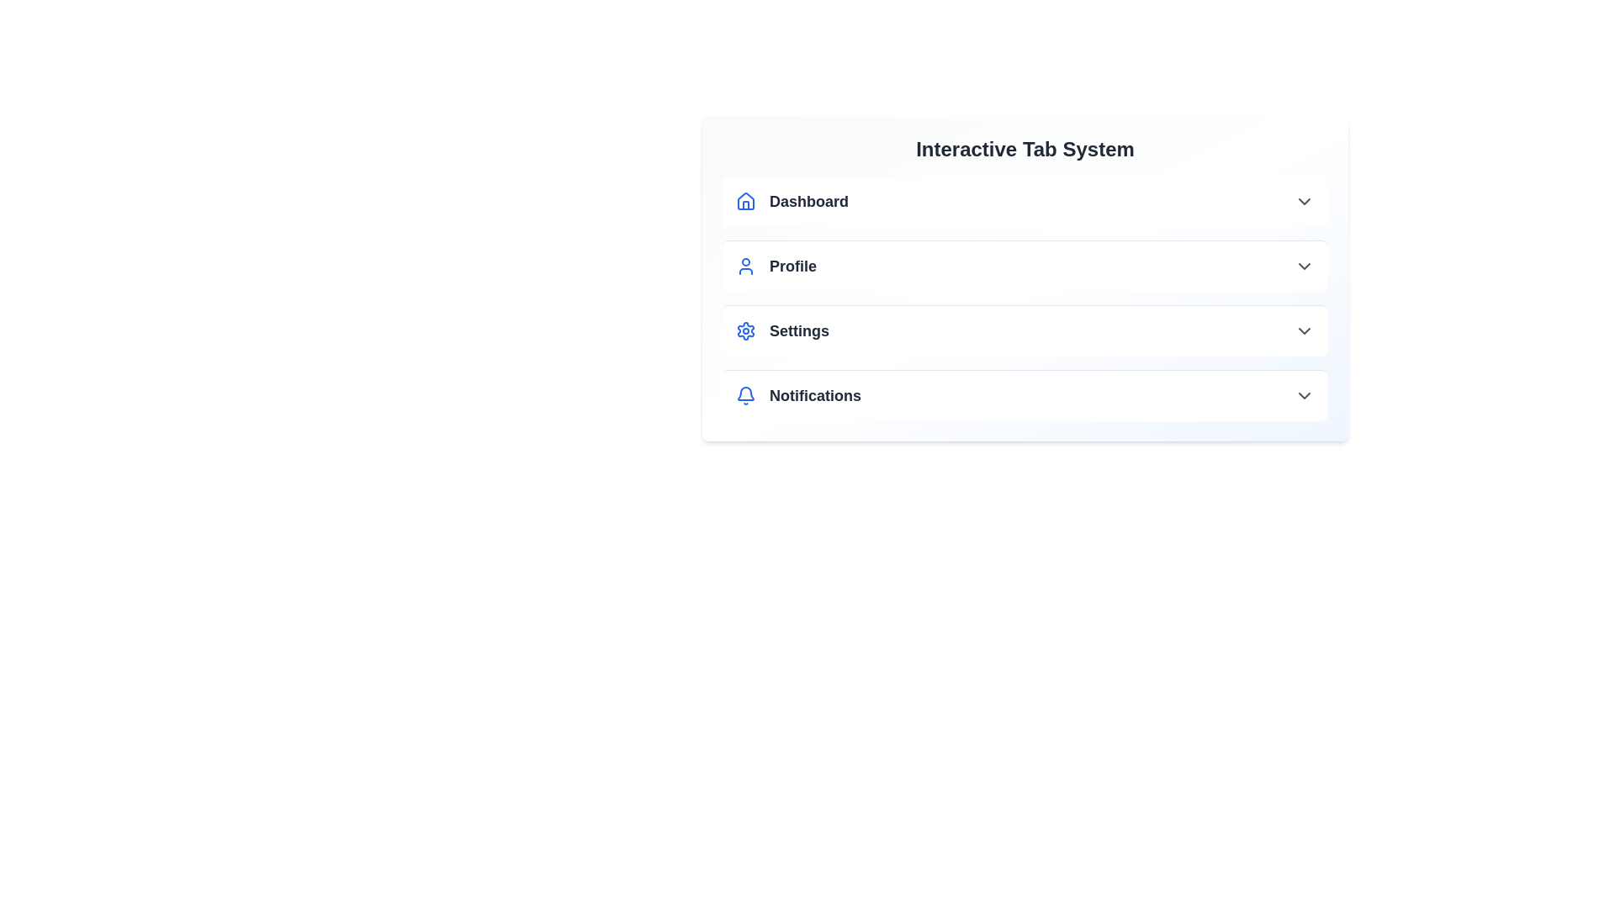 This screenshot has width=1615, height=908. I want to click on the 'Settings' text label in the sidebar menu, which is styled in bold and dark gray, located to the right of the gear icon, so click(798, 330).